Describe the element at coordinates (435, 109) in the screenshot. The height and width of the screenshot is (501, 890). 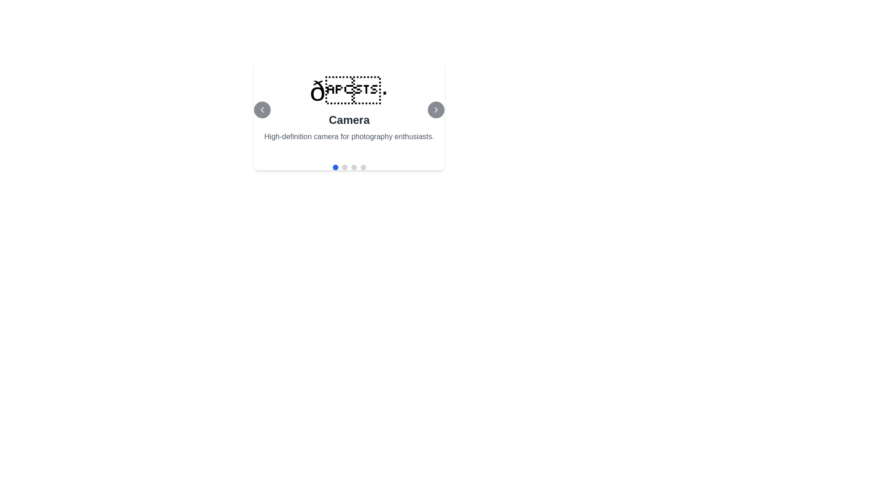
I see `the SVG chevron icon located in the right circular area of the card interface` at that location.